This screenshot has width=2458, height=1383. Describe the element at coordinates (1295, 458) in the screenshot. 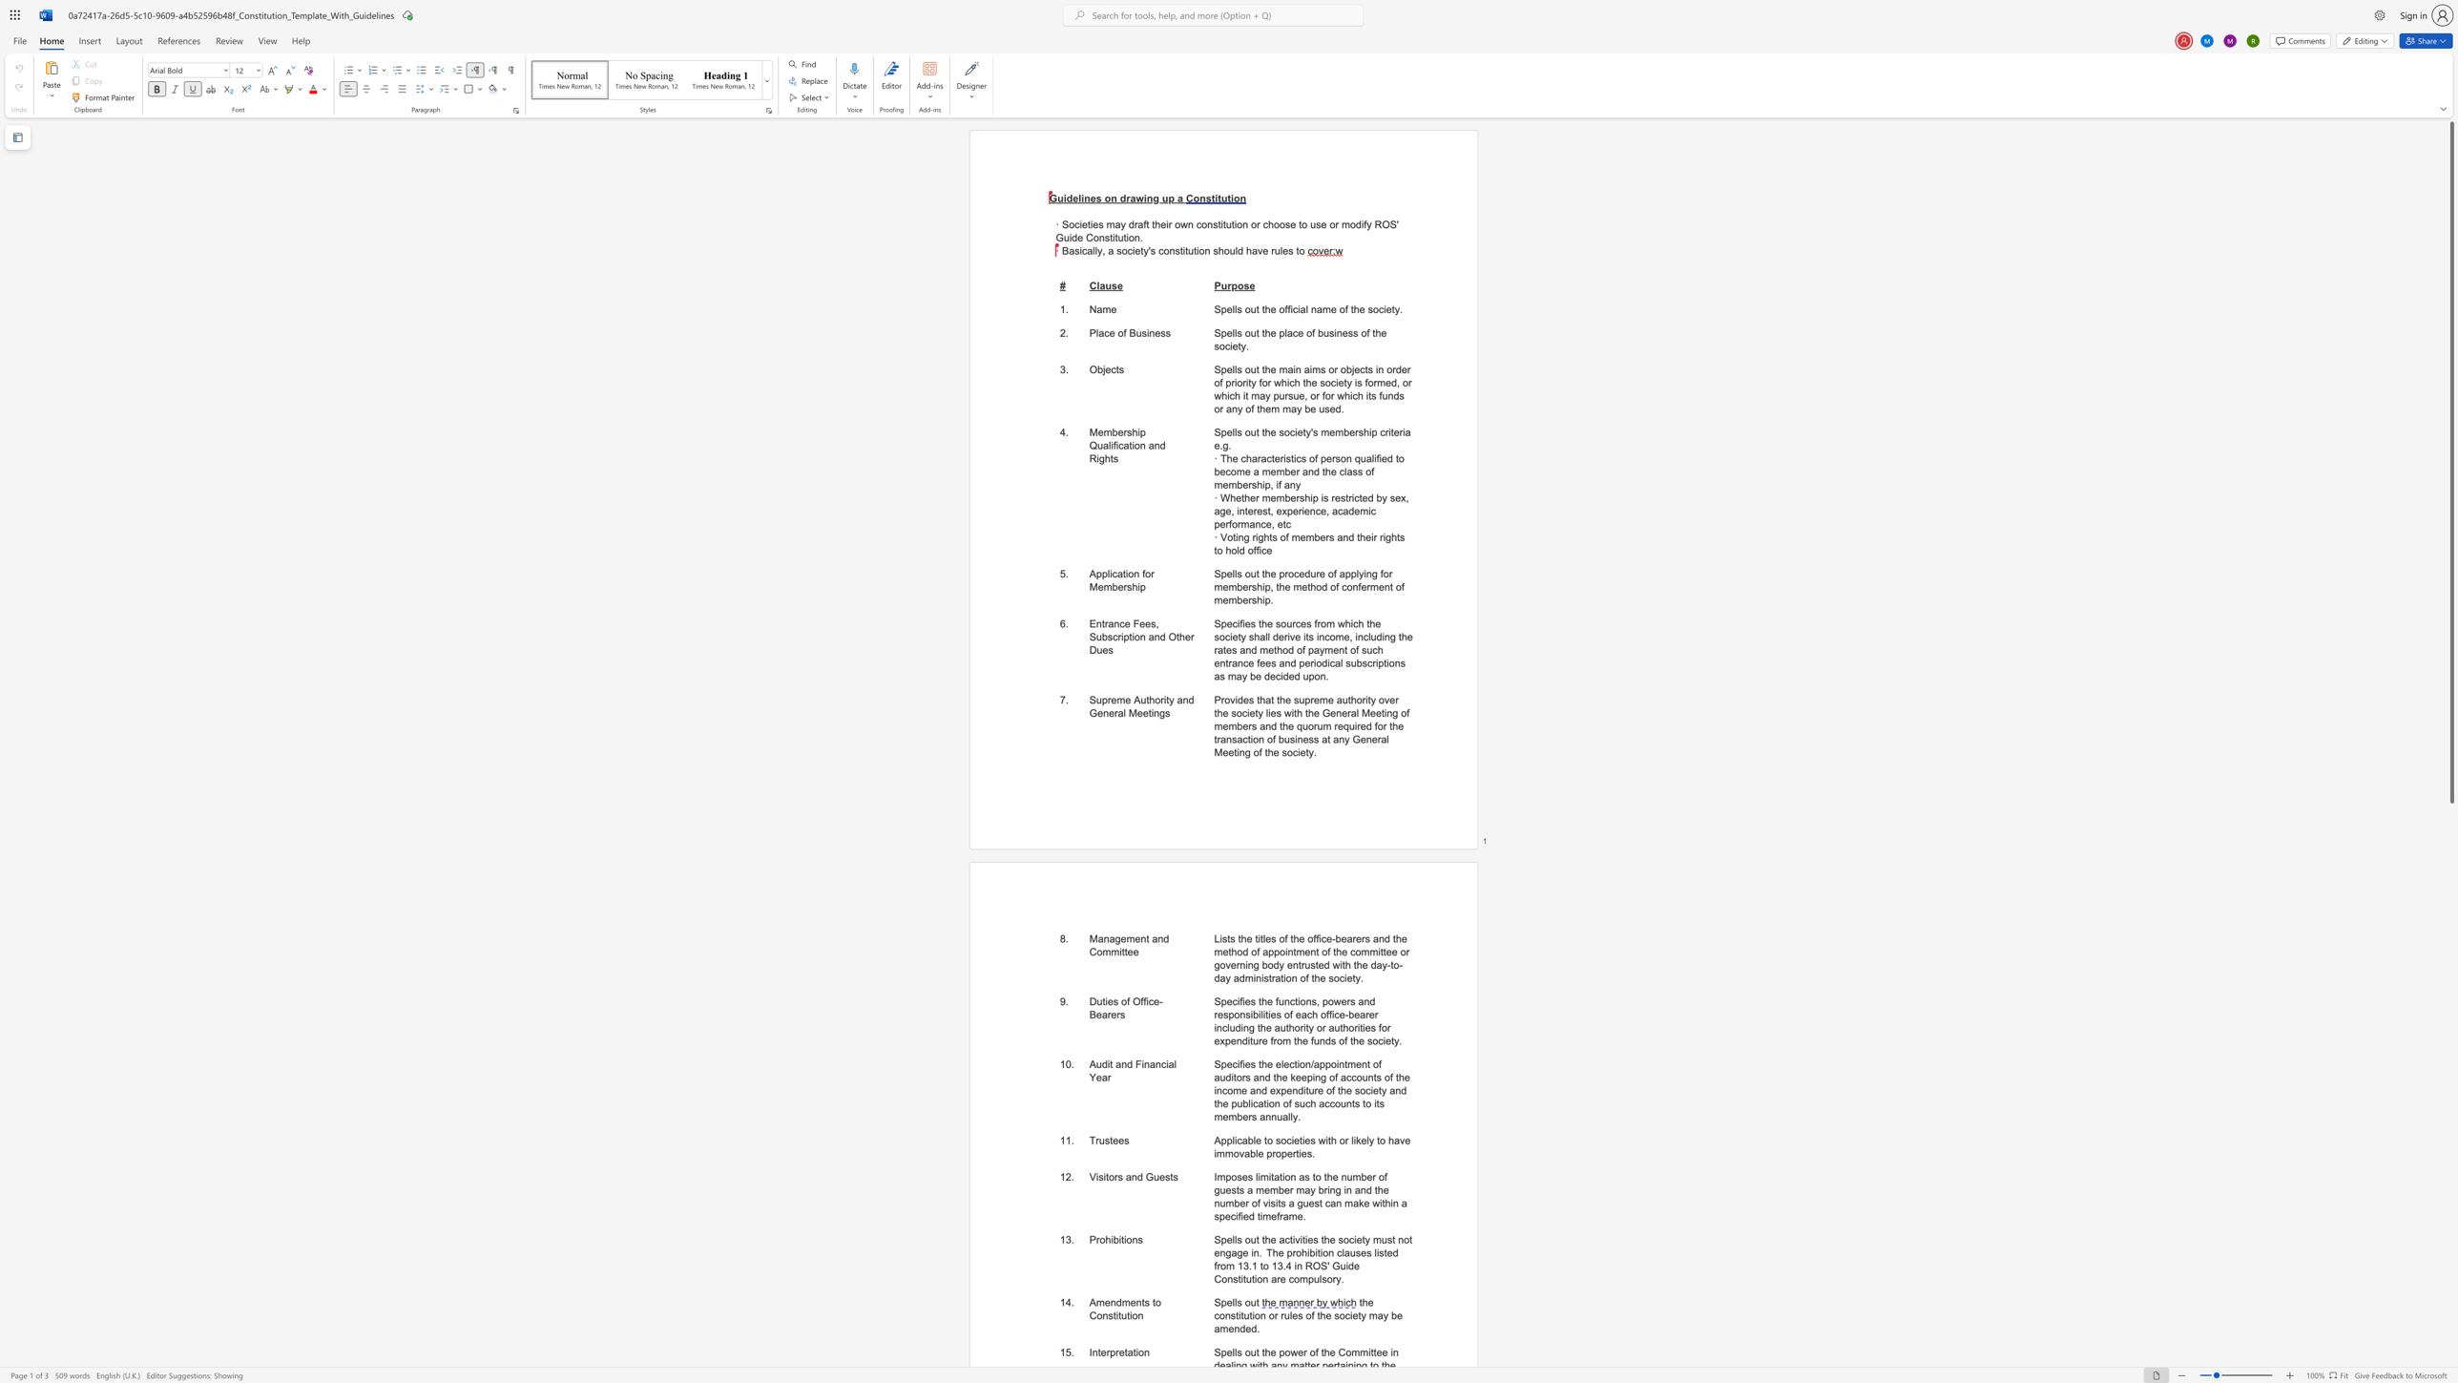

I see `the subset text "cs of" within the text "· The characteristics of person qualified to become a member and the class of membership, if any"` at that location.